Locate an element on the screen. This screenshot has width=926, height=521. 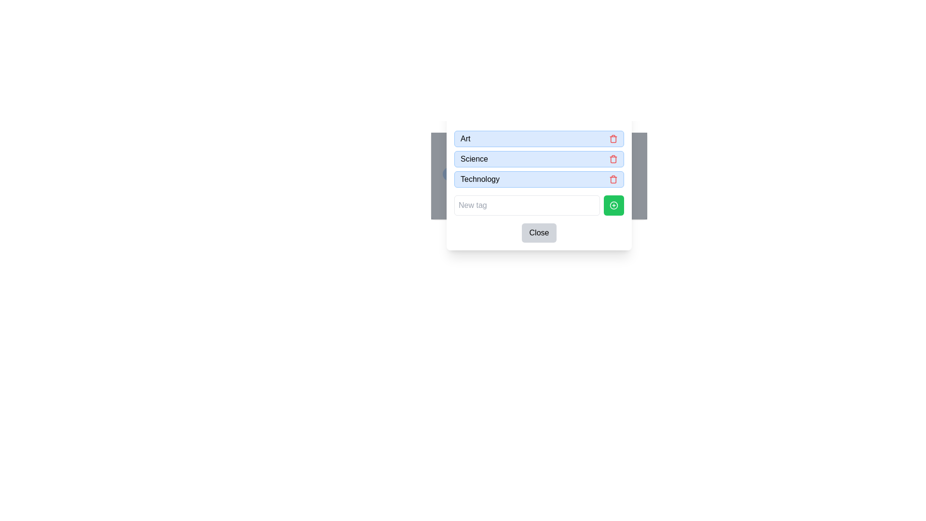
the selectable or editable tag labeled 'Technology' is located at coordinates (539, 176).